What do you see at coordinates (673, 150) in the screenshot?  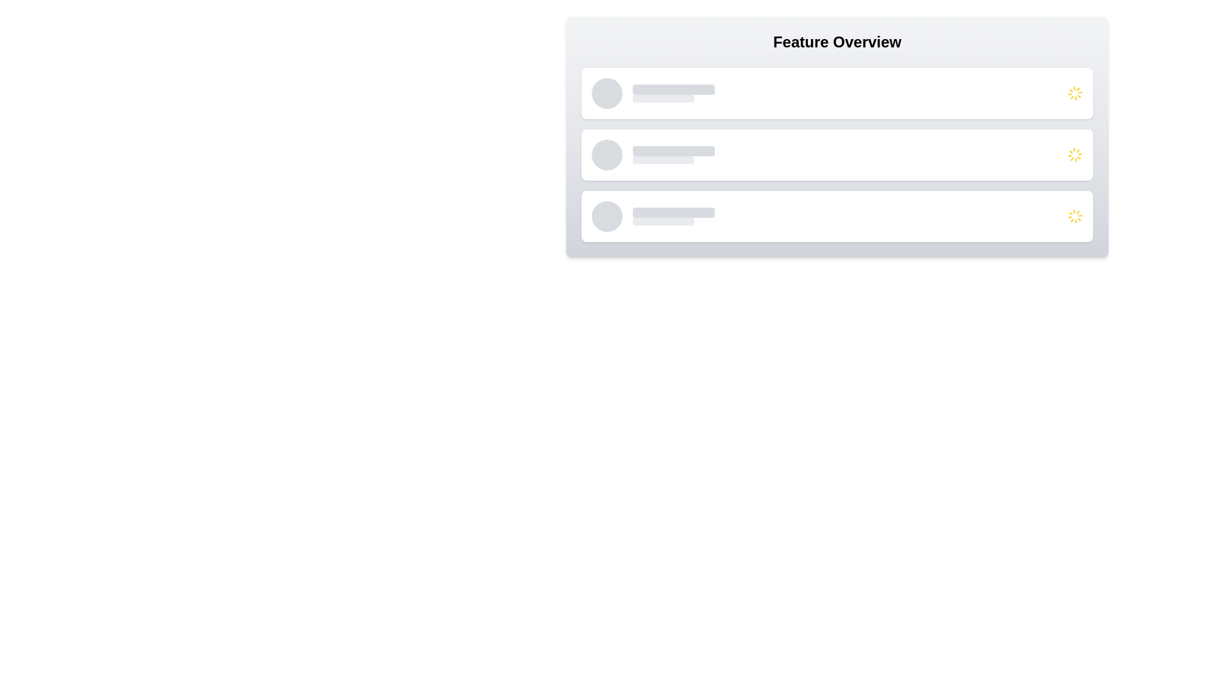 I see `the Loading placeholder bar, which is a narrow rectangular bar with rounded edges styled in light gray, located in the second content block to the right of a circular avatar placeholder` at bounding box center [673, 150].